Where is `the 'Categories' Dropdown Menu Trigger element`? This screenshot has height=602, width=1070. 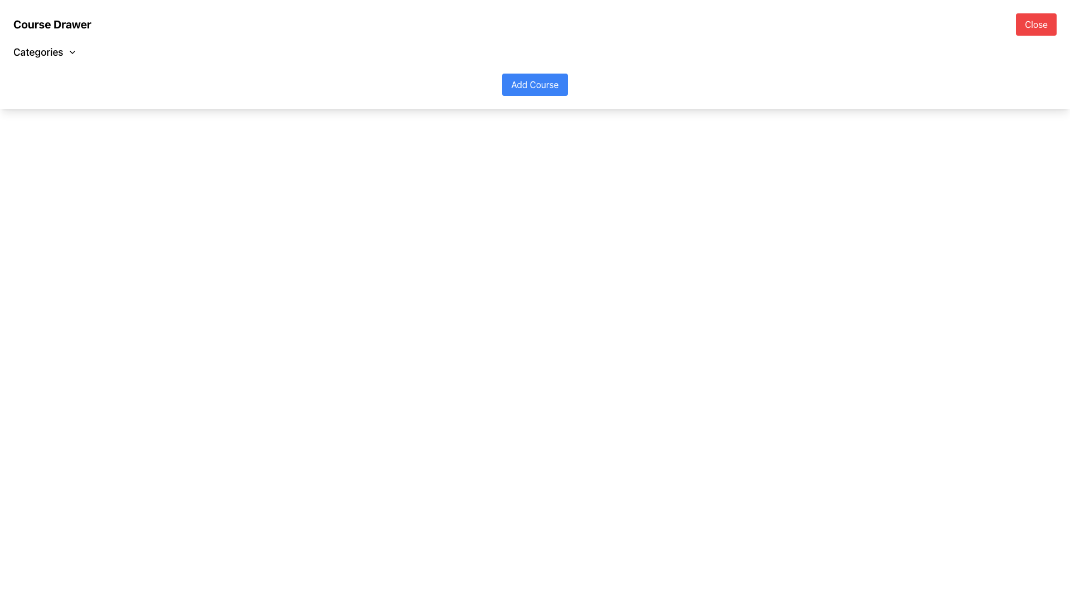 the 'Categories' Dropdown Menu Trigger element is located at coordinates (45, 52).